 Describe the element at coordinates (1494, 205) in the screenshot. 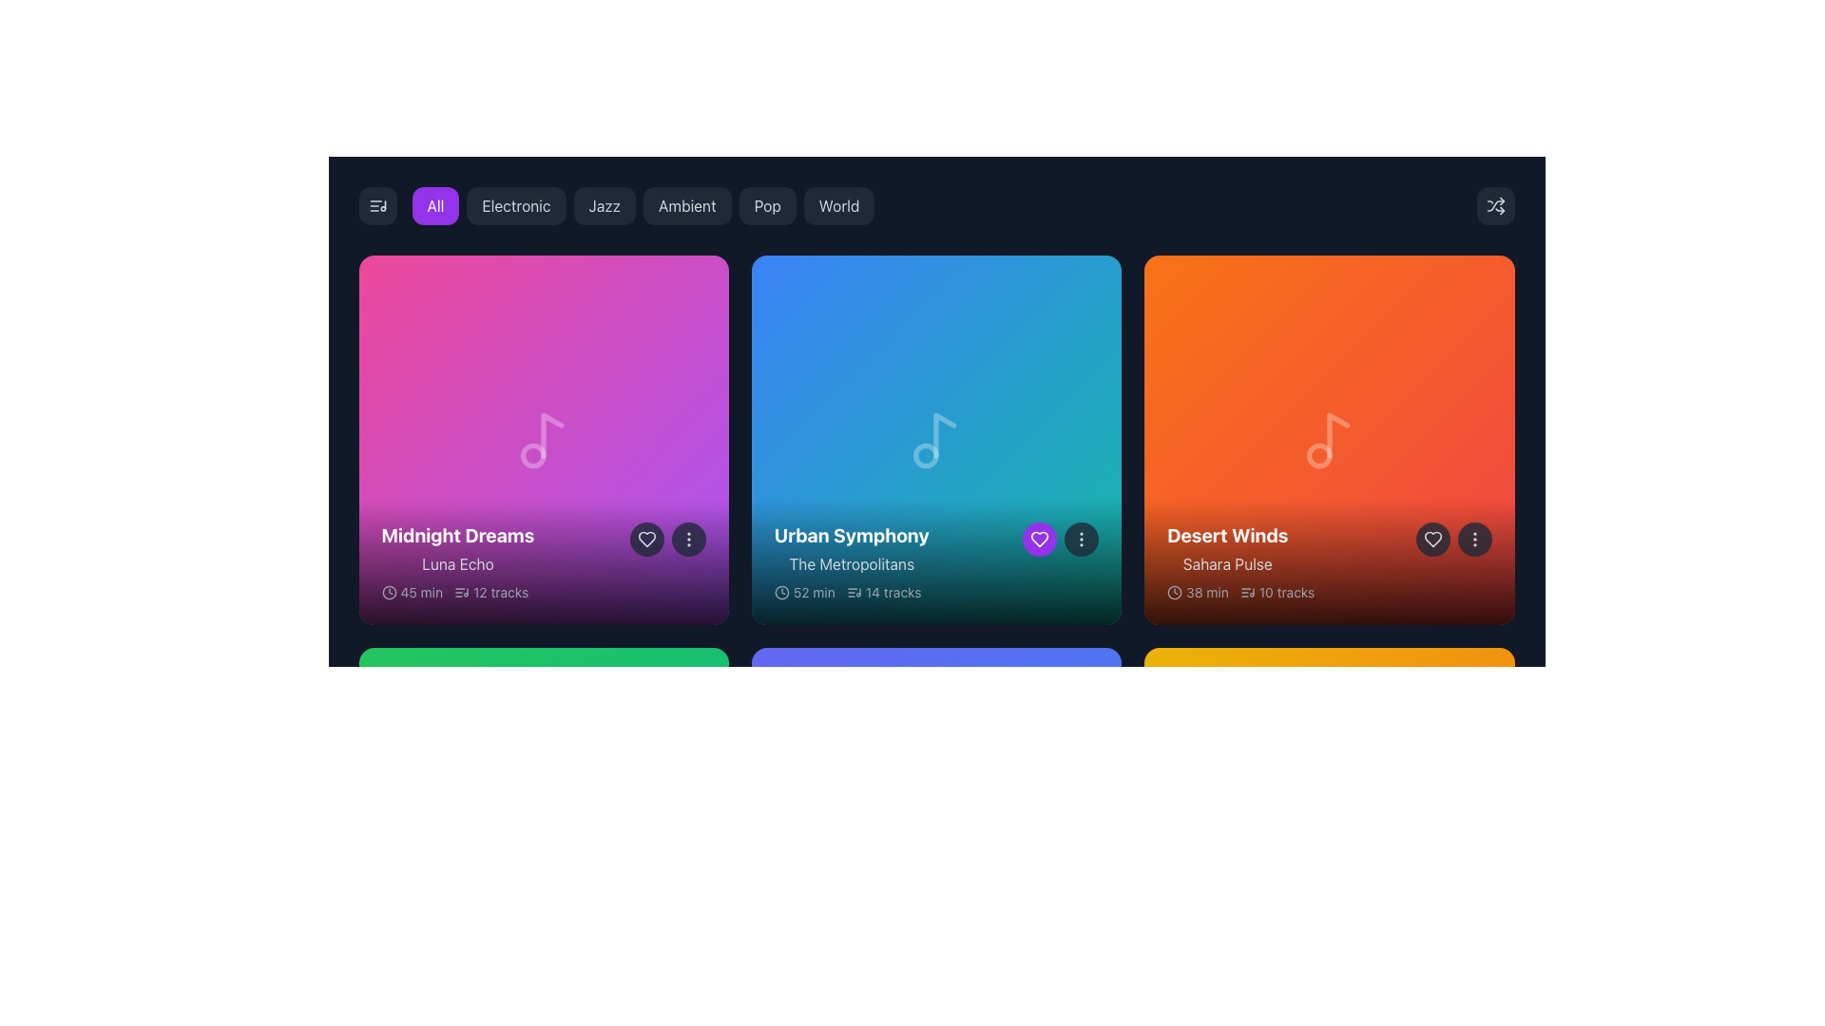

I see `the shuffle icon in the top-right corner of the interface` at that location.